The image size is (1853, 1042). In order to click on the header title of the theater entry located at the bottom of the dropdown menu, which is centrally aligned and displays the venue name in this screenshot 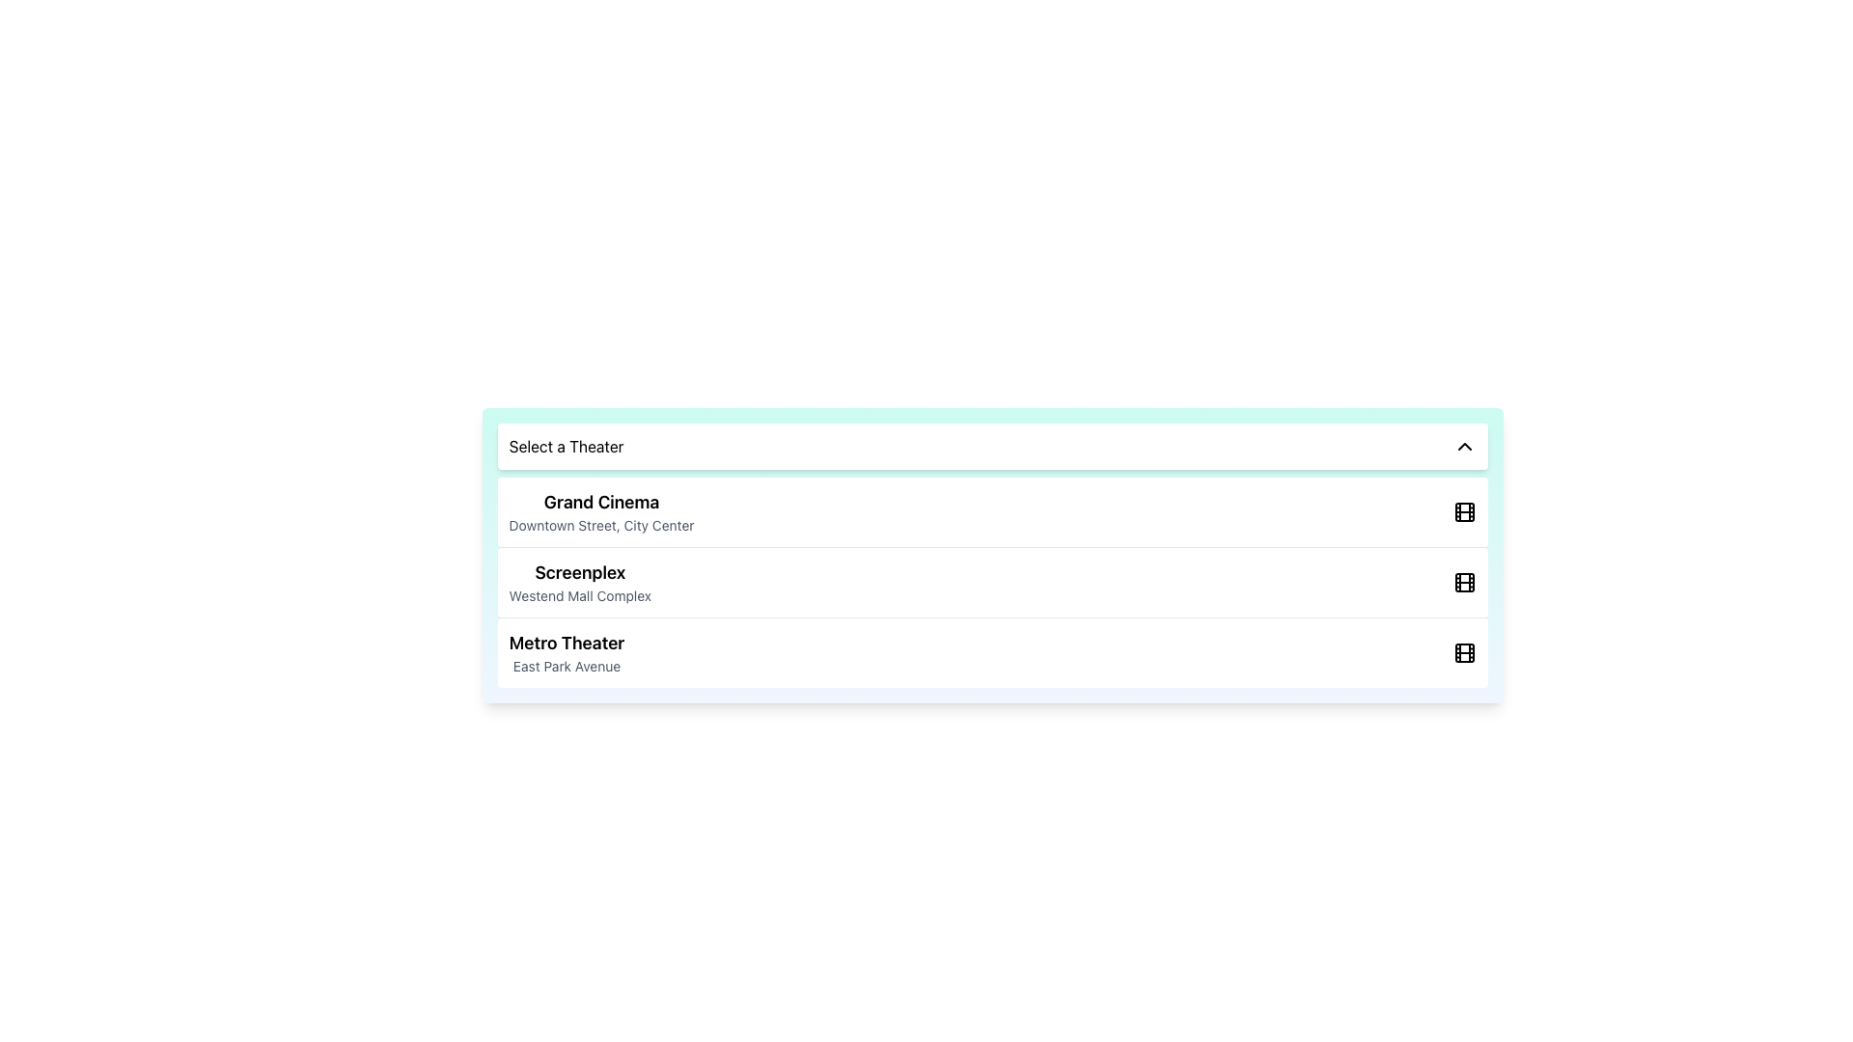, I will do `click(565, 644)`.